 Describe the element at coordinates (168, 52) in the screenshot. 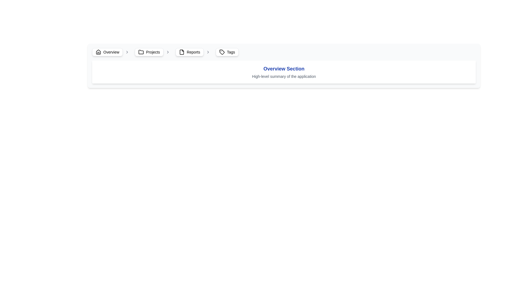

I see `the icon located at the center-right side of the 'Projects' navigation button in the breadcrumb trail` at that location.